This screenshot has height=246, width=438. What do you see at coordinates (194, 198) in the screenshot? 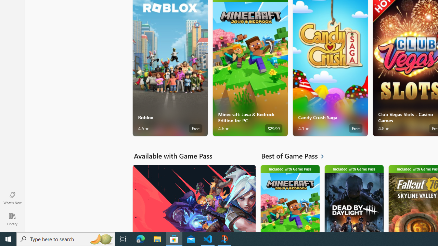
I see `'Available with Game Pass. VALORANT'` at bounding box center [194, 198].